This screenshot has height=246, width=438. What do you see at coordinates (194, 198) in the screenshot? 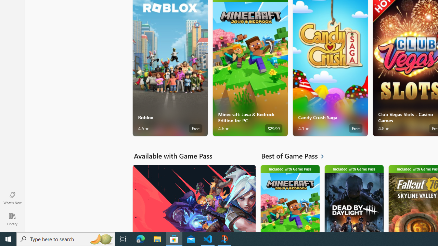
I see `'Available with Game Pass. VALORANT'` at bounding box center [194, 198].